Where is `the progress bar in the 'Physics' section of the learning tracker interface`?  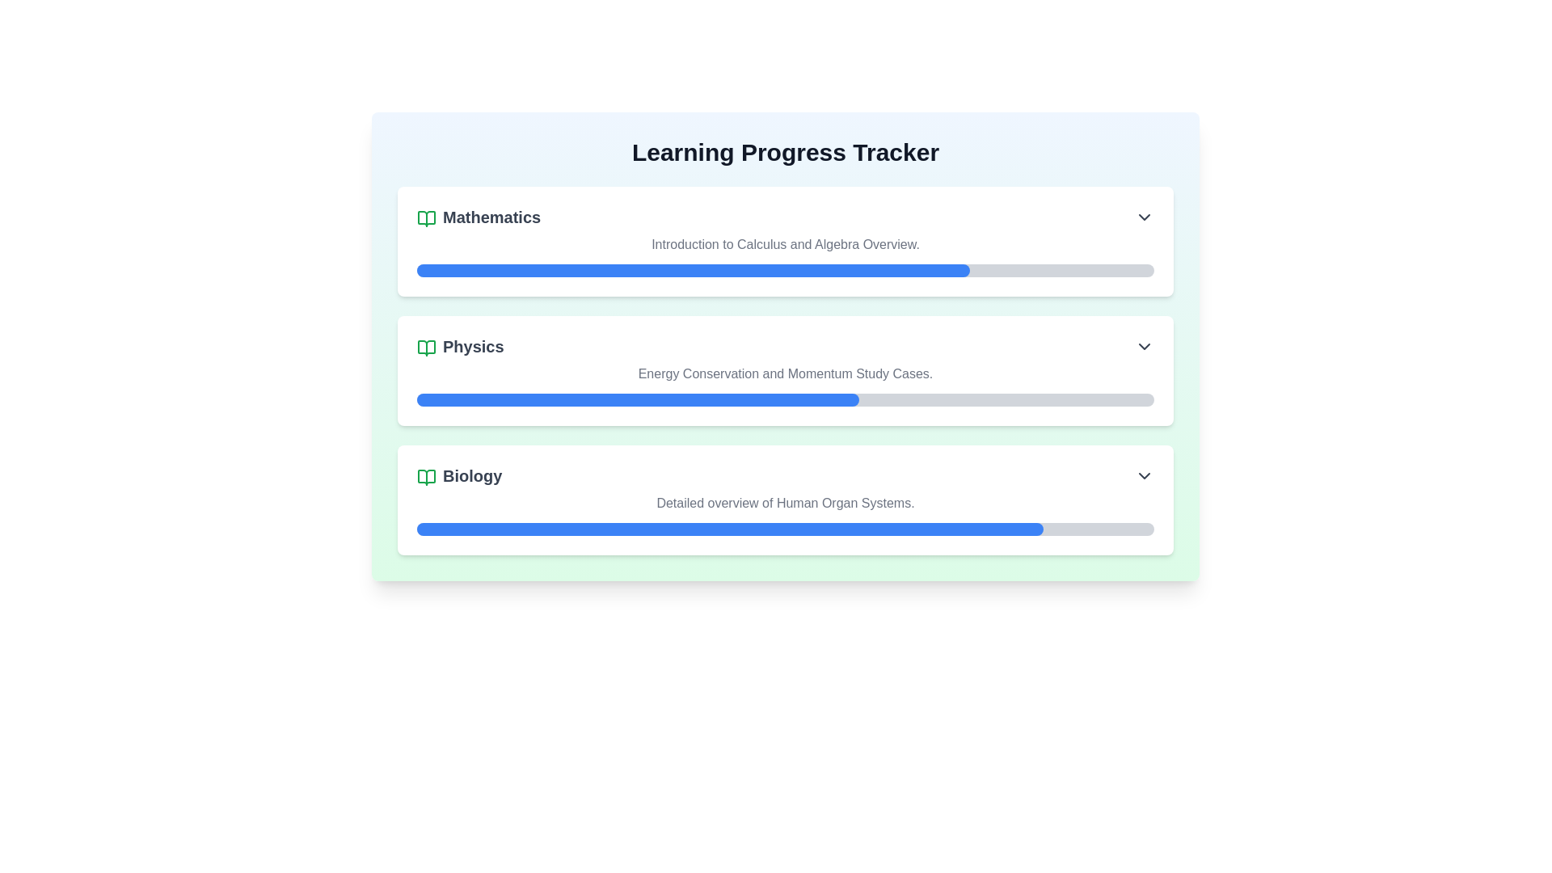
the progress bar in the 'Physics' section of the learning tracker interface is located at coordinates (785, 386).